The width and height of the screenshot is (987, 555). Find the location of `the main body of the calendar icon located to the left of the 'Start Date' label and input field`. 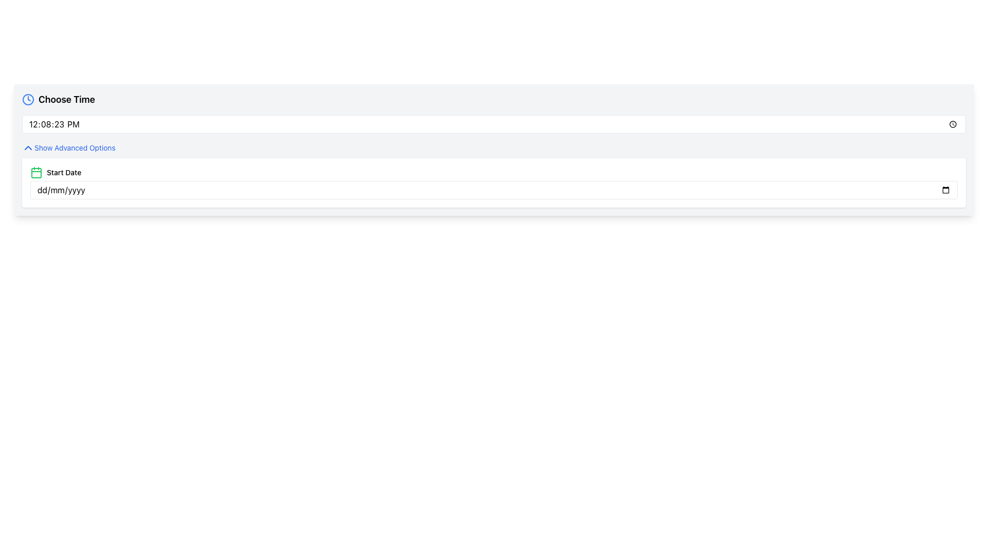

the main body of the calendar icon located to the left of the 'Start Date' label and input field is located at coordinates (36, 172).